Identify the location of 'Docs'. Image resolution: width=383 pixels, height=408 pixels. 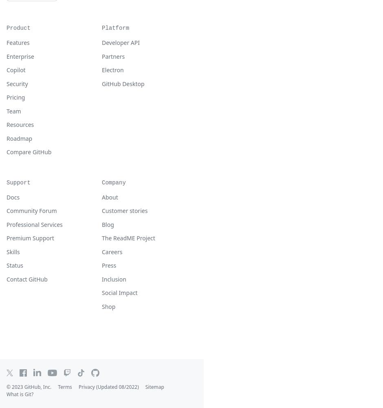
(13, 196).